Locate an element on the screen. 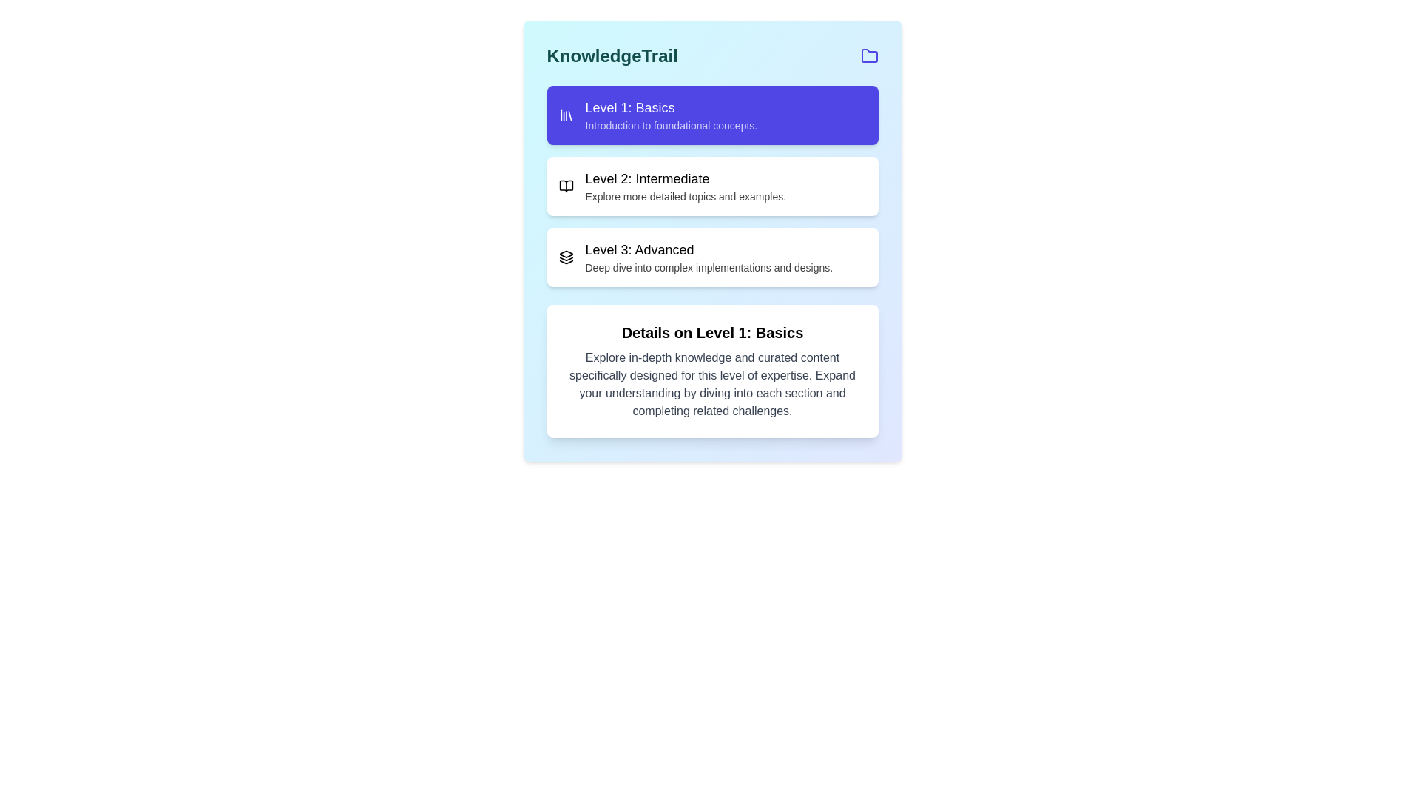 This screenshot has height=799, width=1420. the second menu item under 'KnowledgeTrail' is located at coordinates (685, 185).